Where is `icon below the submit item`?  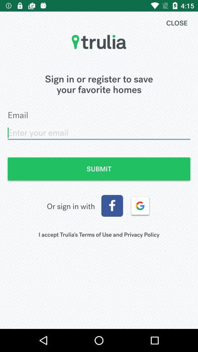 icon below the submit item is located at coordinates (112, 206).